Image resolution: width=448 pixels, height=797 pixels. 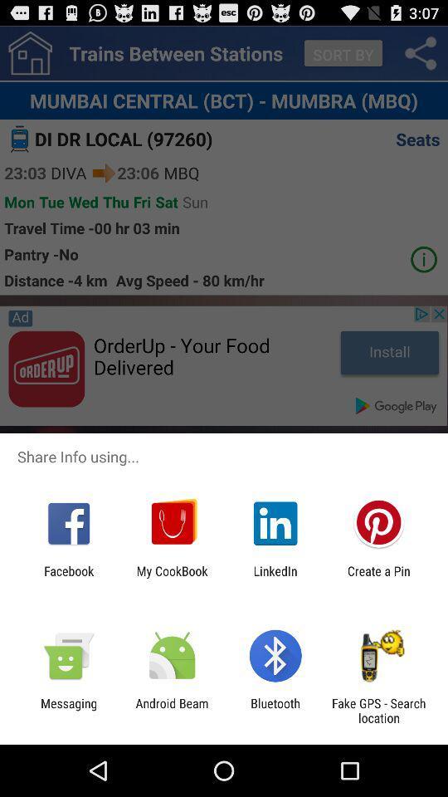 I want to click on the app next to the bluetooth, so click(x=378, y=710).